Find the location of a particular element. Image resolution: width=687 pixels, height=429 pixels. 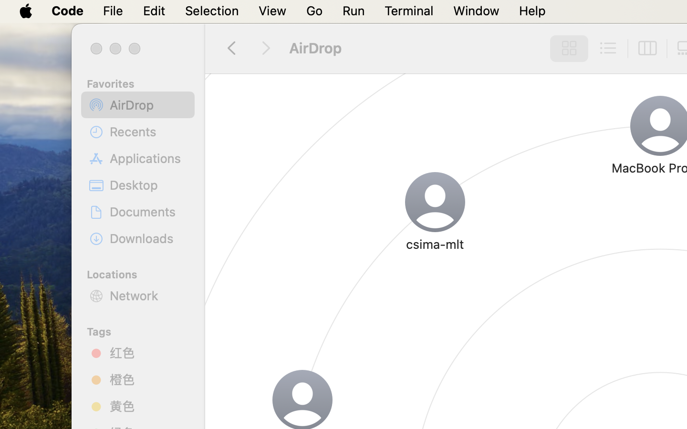

'Downloads' is located at coordinates (148, 238).